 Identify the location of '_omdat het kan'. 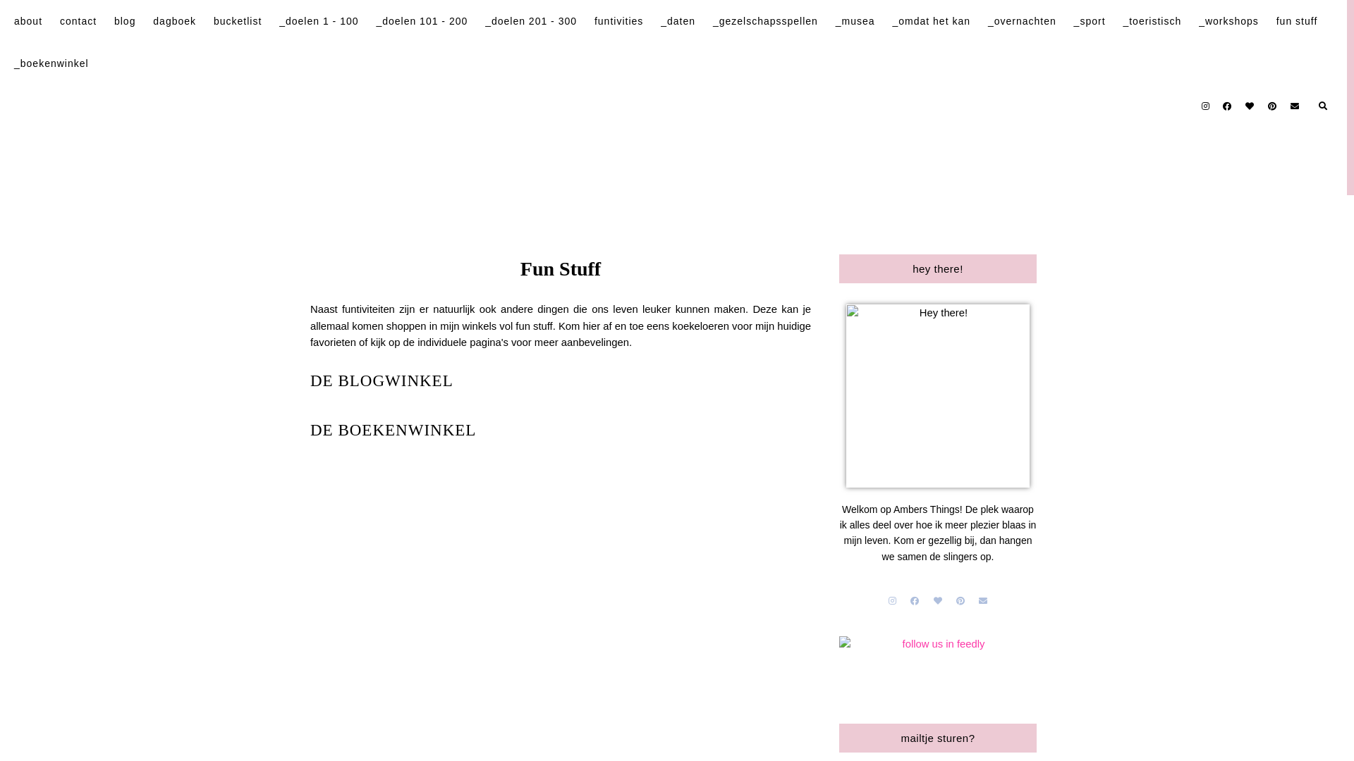
(931, 21).